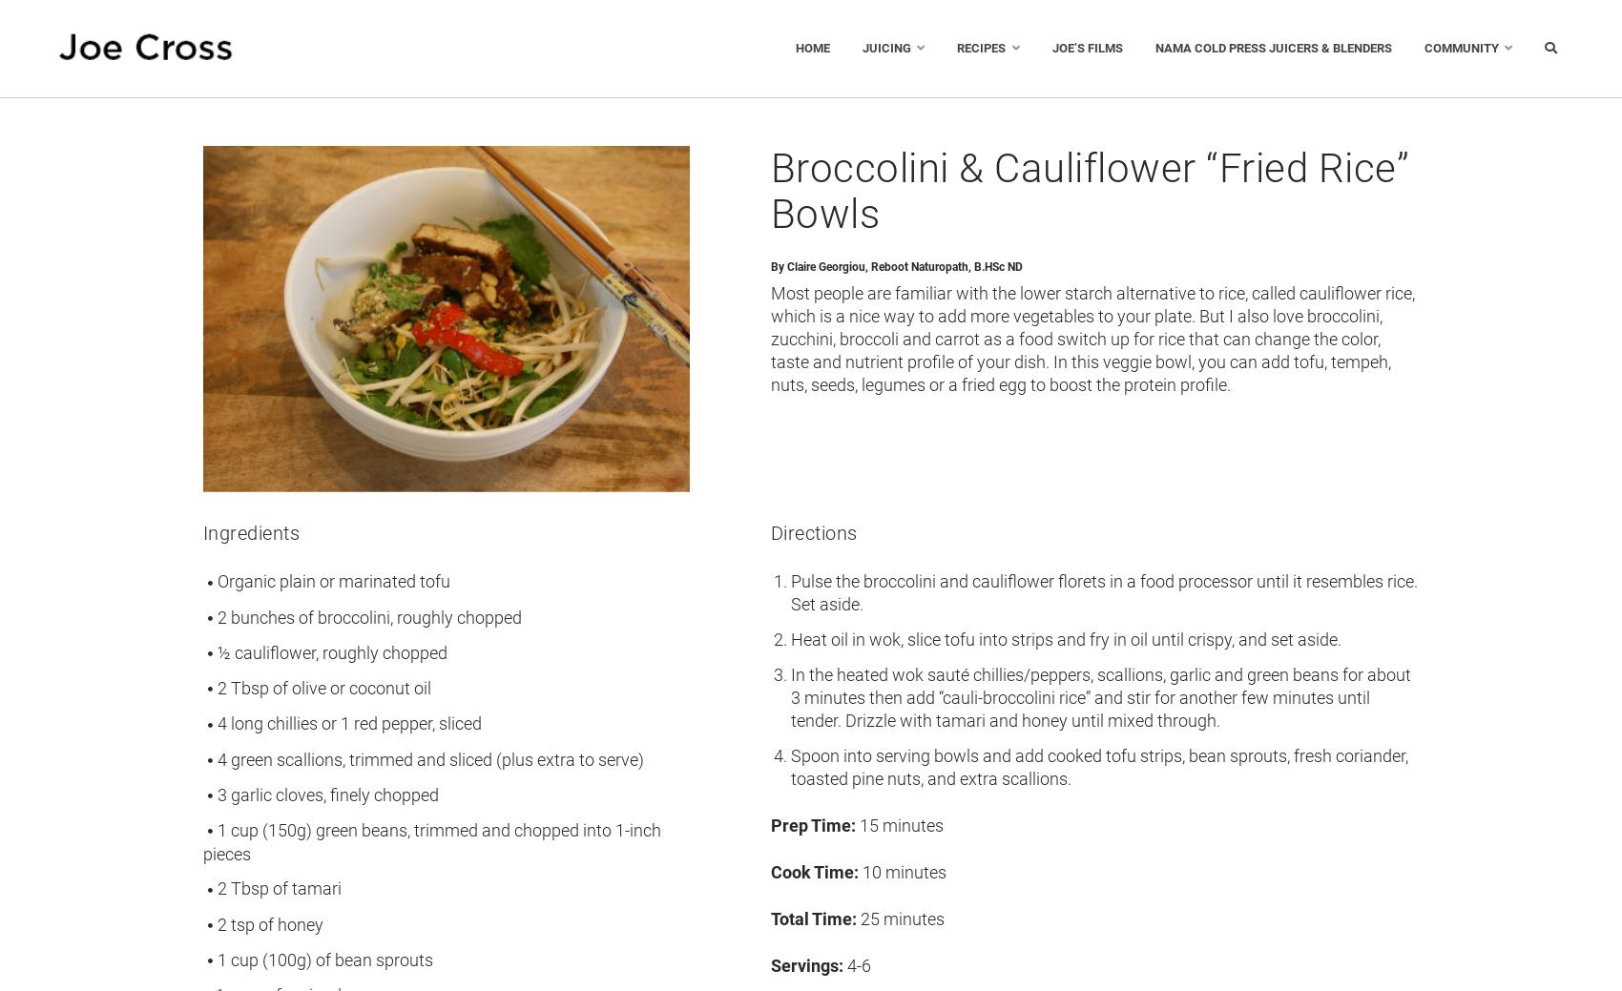 This screenshot has width=1622, height=991. I want to click on 'Pulse the broccolini and cauliflower florets in a food processor until it resembles rice. Set aside.', so click(1103, 592).